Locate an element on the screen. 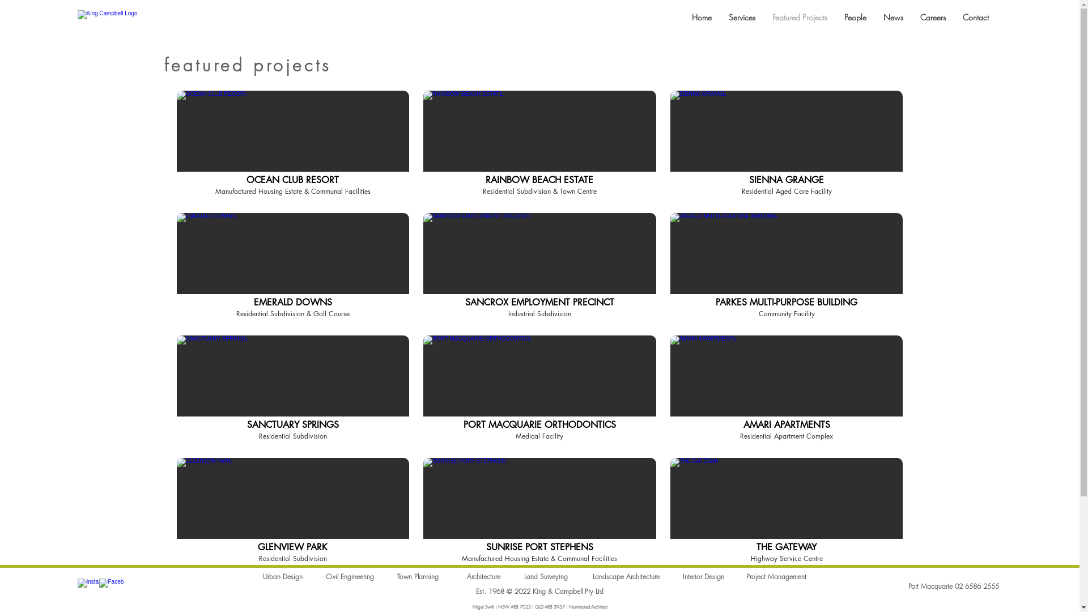 The width and height of the screenshot is (1088, 612). 'THE GATEWAY is located at coordinates (786, 512).